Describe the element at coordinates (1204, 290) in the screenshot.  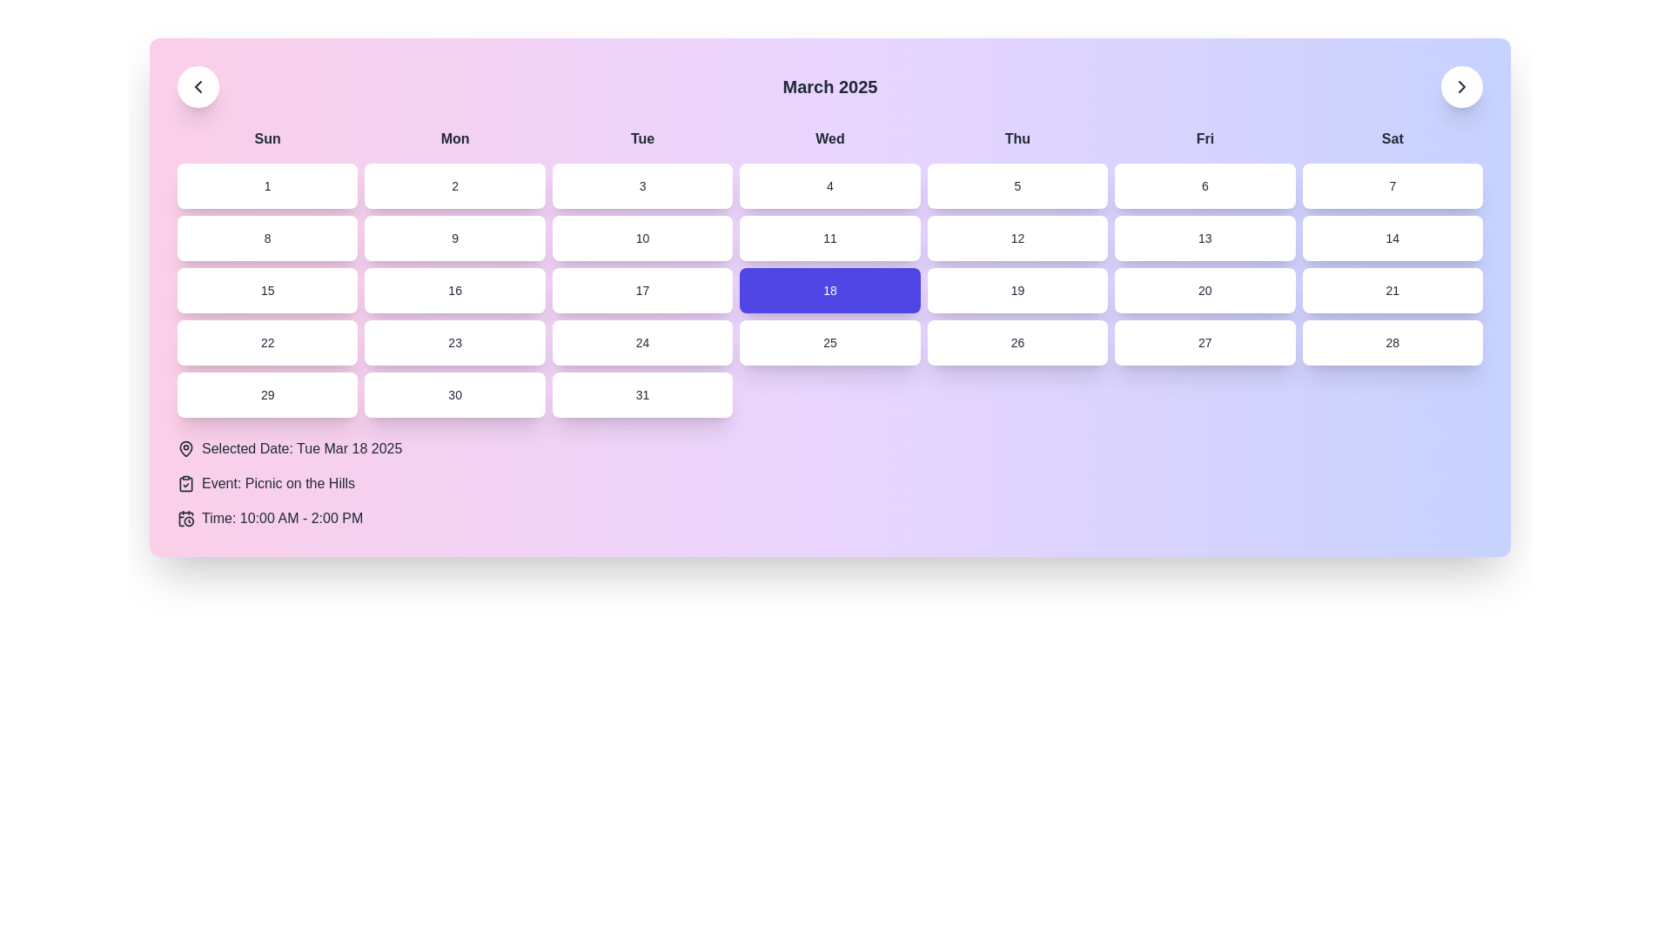
I see `the clickable date button representing the 20th in the calendar interface, located below the button labeled '19' and to the left of the button labeled '21'` at that location.